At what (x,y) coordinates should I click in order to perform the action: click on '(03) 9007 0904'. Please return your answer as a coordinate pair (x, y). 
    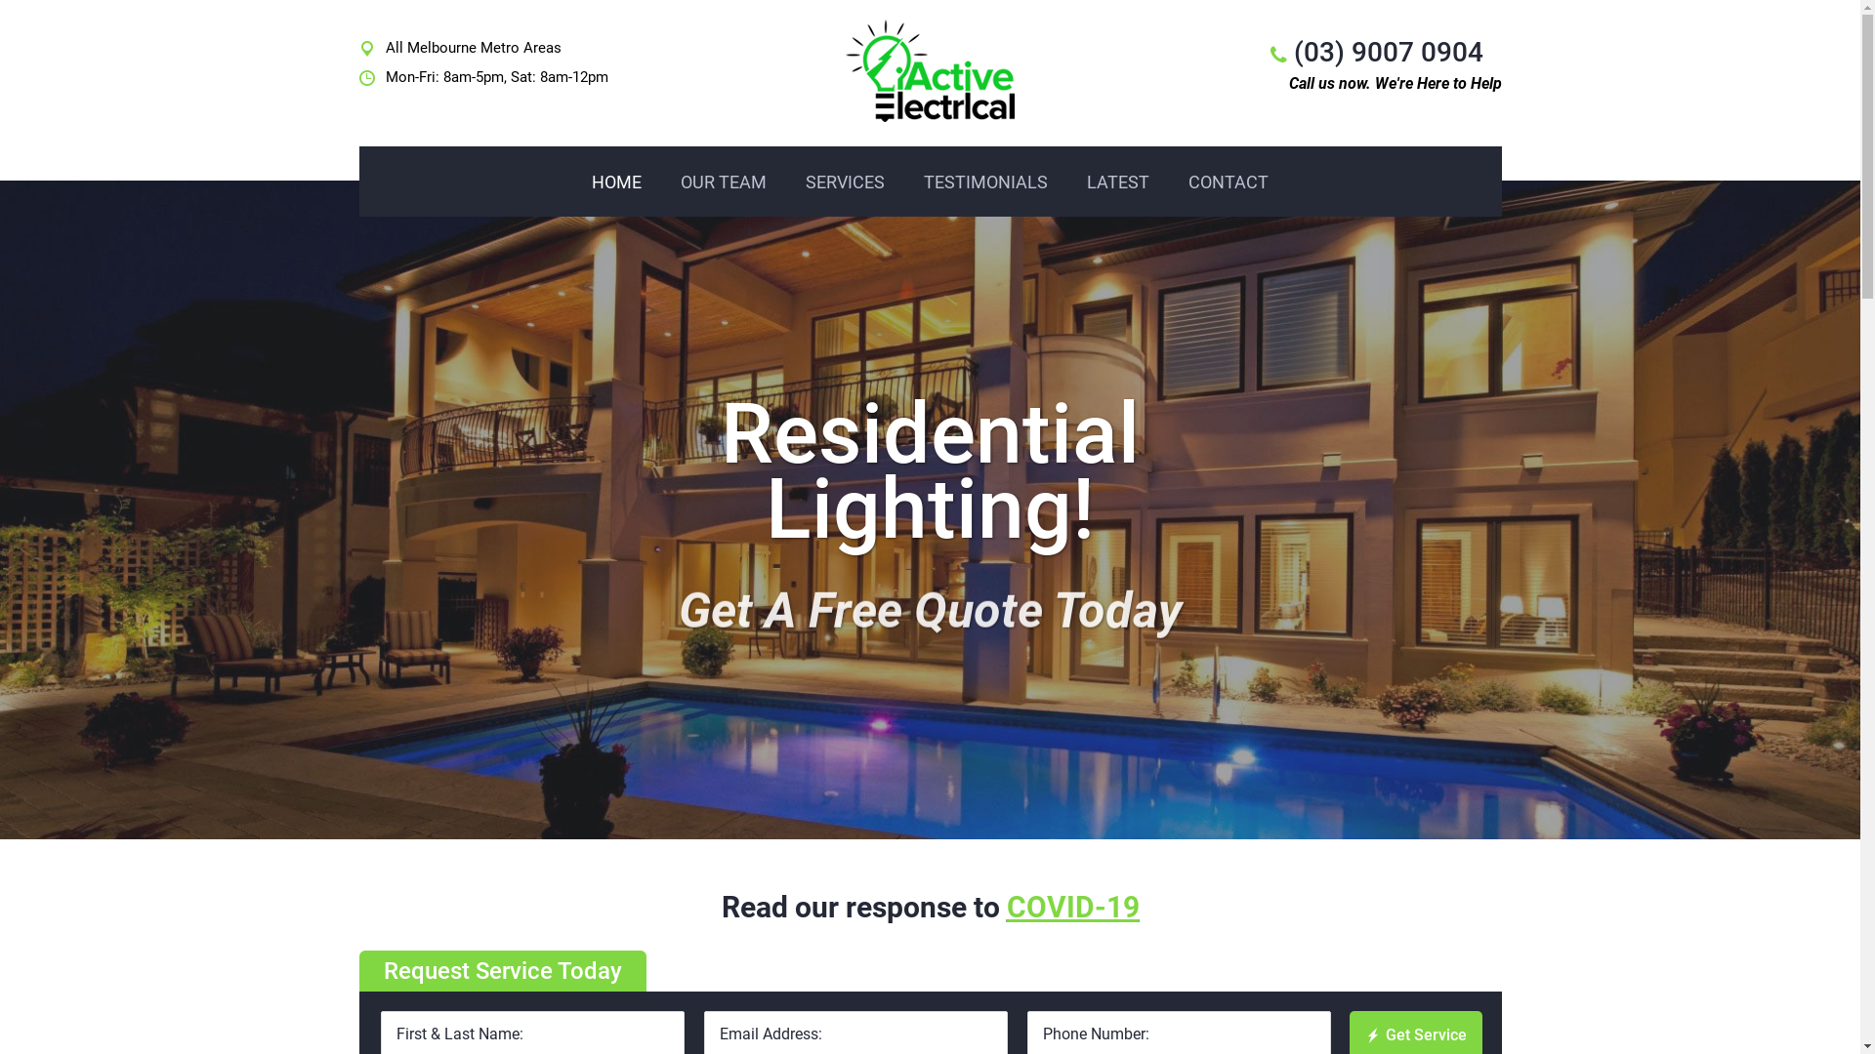
    Looking at the image, I should click on (1386, 51).